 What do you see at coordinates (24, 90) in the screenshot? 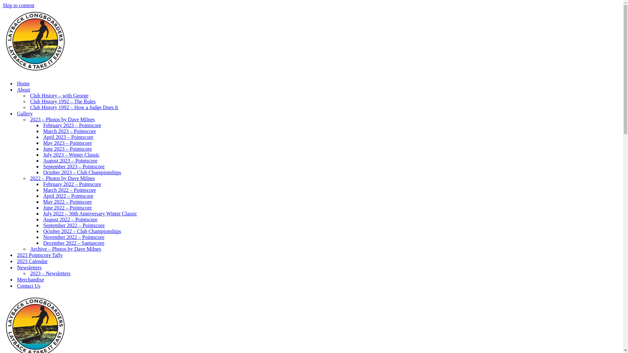
I see `'About'` at bounding box center [24, 90].